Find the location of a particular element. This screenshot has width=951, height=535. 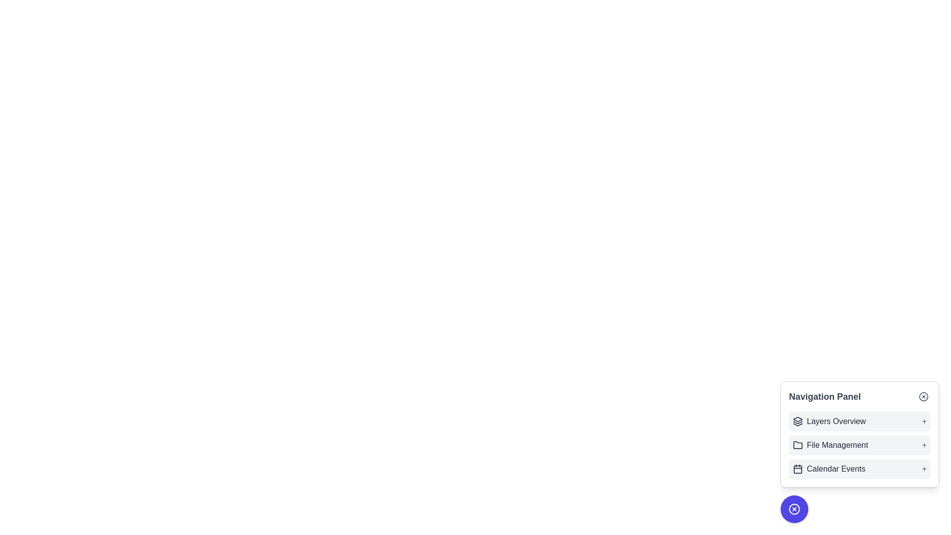

the first entry in the navigation panel labeled 'Layers Overview', which features an icon of stacked layers and a '+' symbol is located at coordinates (859, 422).